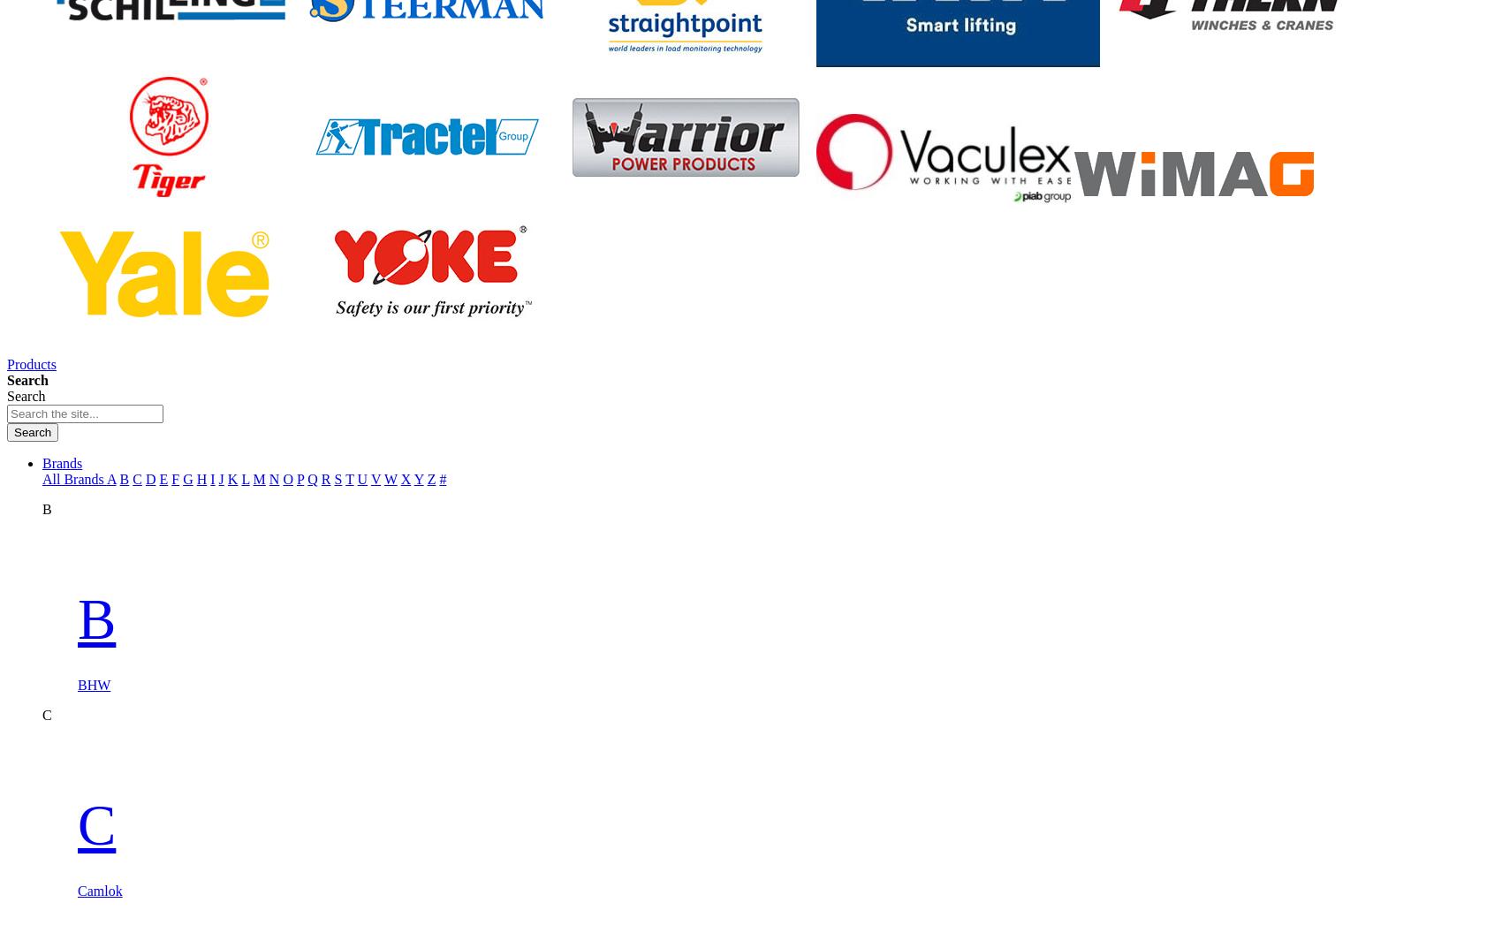 Image resolution: width=1502 pixels, height=933 pixels. Describe the element at coordinates (245, 478) in the screenshot. I see `'L'` at that location.